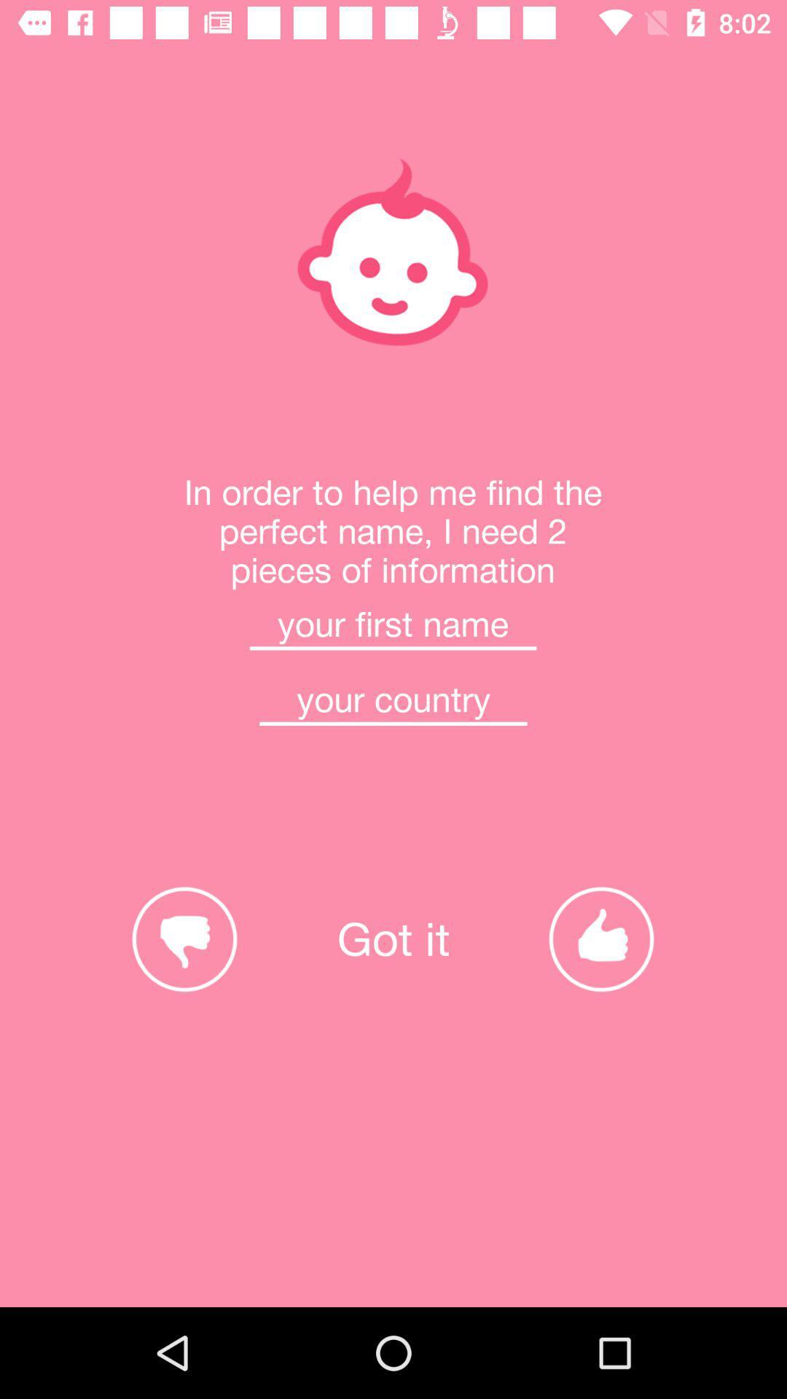 The width and height of the screenshot is (787, 1399). Describe the element at coordinates (601, 940) in the screenshot. I see `the thumbs_up icon` at that location.